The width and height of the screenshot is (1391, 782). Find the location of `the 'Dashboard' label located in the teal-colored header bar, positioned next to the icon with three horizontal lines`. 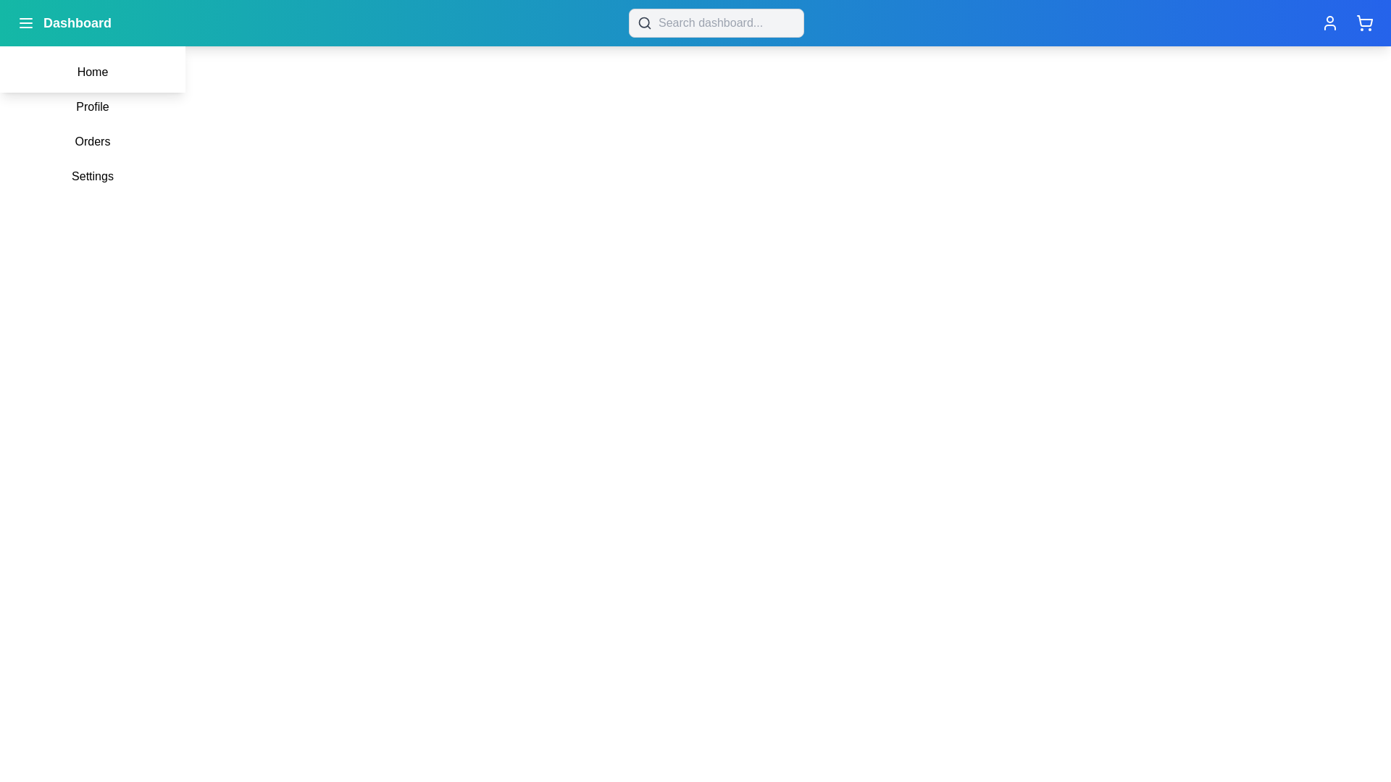

the 'Dashboard' label located in the teal-colored header bar, positioned next to the icon with three horizontal lines is located at coordinates (76, 22).